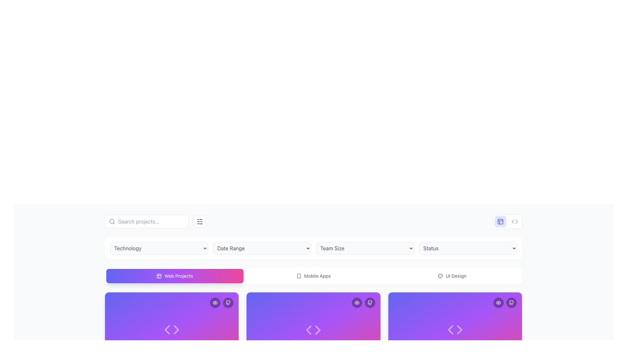 The width and height of the screenshot is (626, 352). Describe the element at coordinates (222, 303) in the screenshot. I see `the interactive button group located at the top-right corner of a purple gradient card` at that location.